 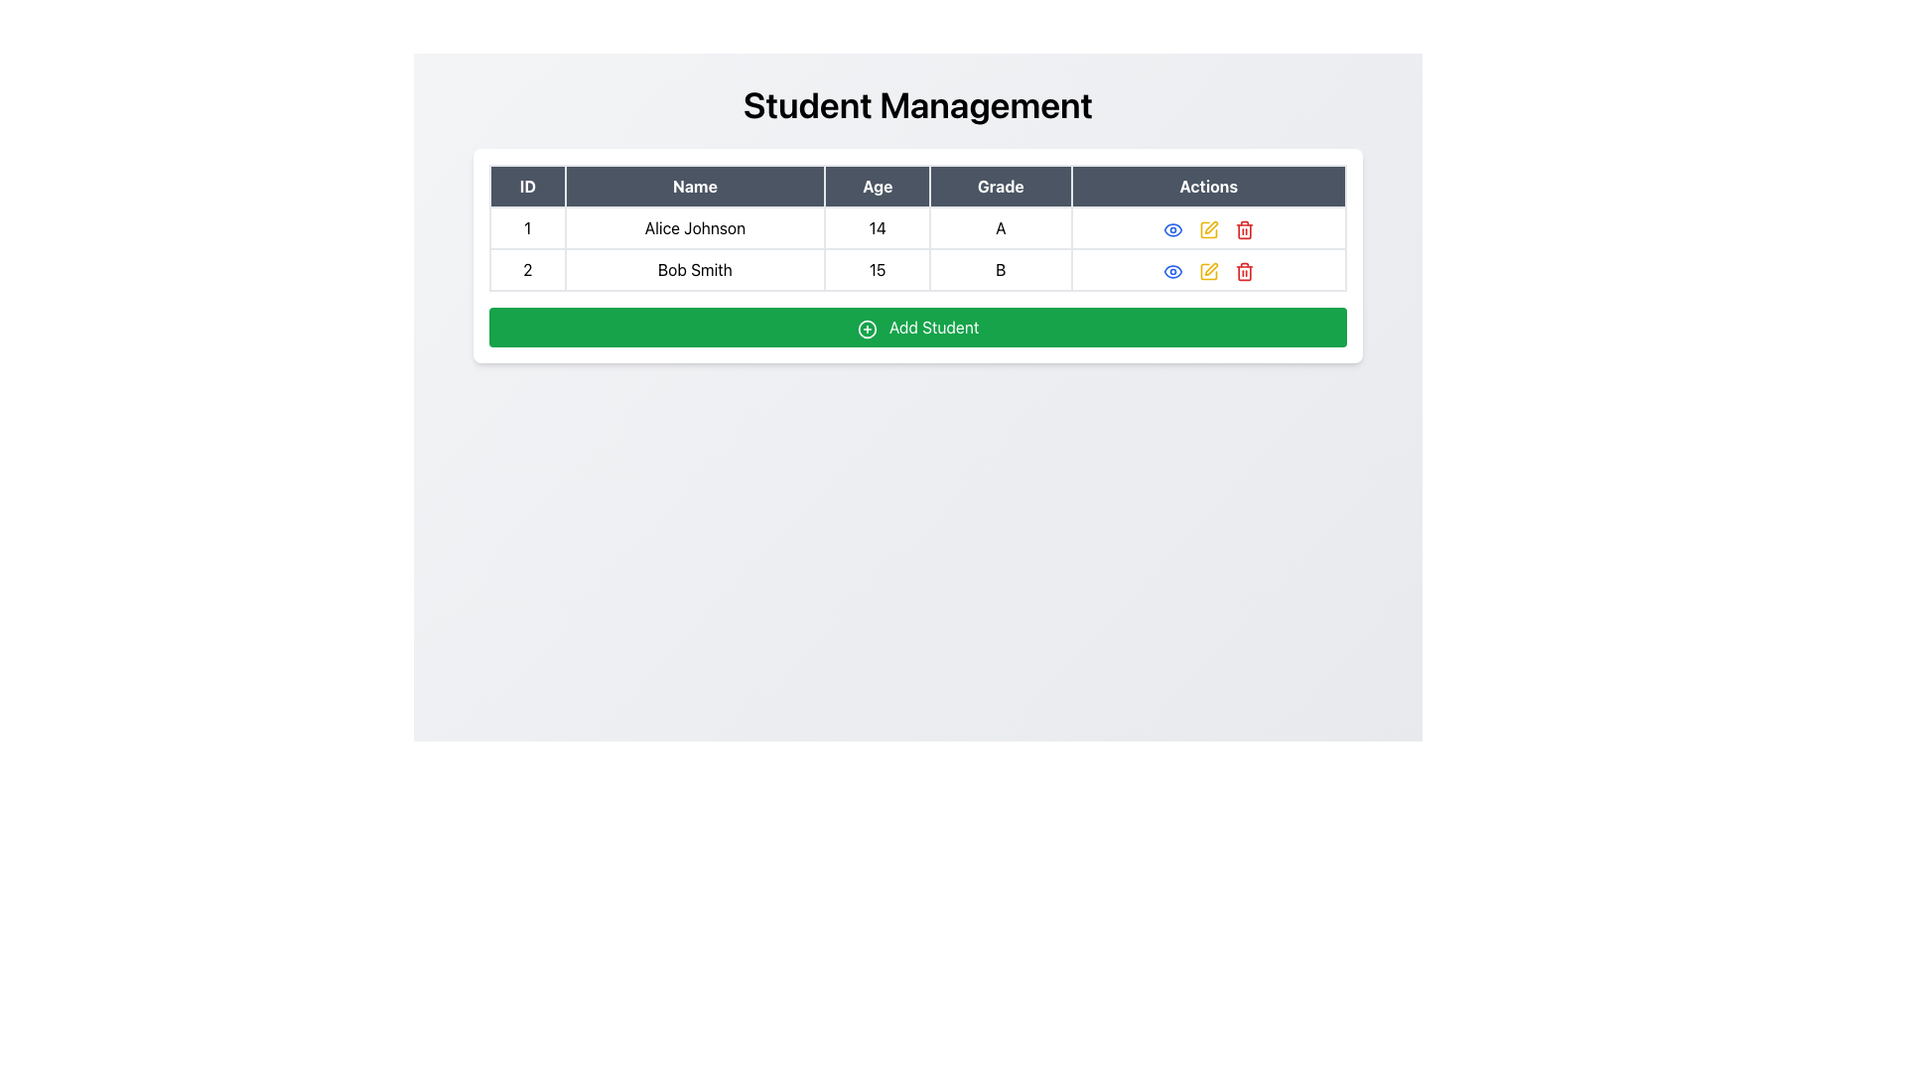 What do you see at coordinates (527, 270) in the screenshot?
I see `numeric text '2' displayed in the ID column of the table row for 'Bob Smith'` at bounding box center [527, 270].